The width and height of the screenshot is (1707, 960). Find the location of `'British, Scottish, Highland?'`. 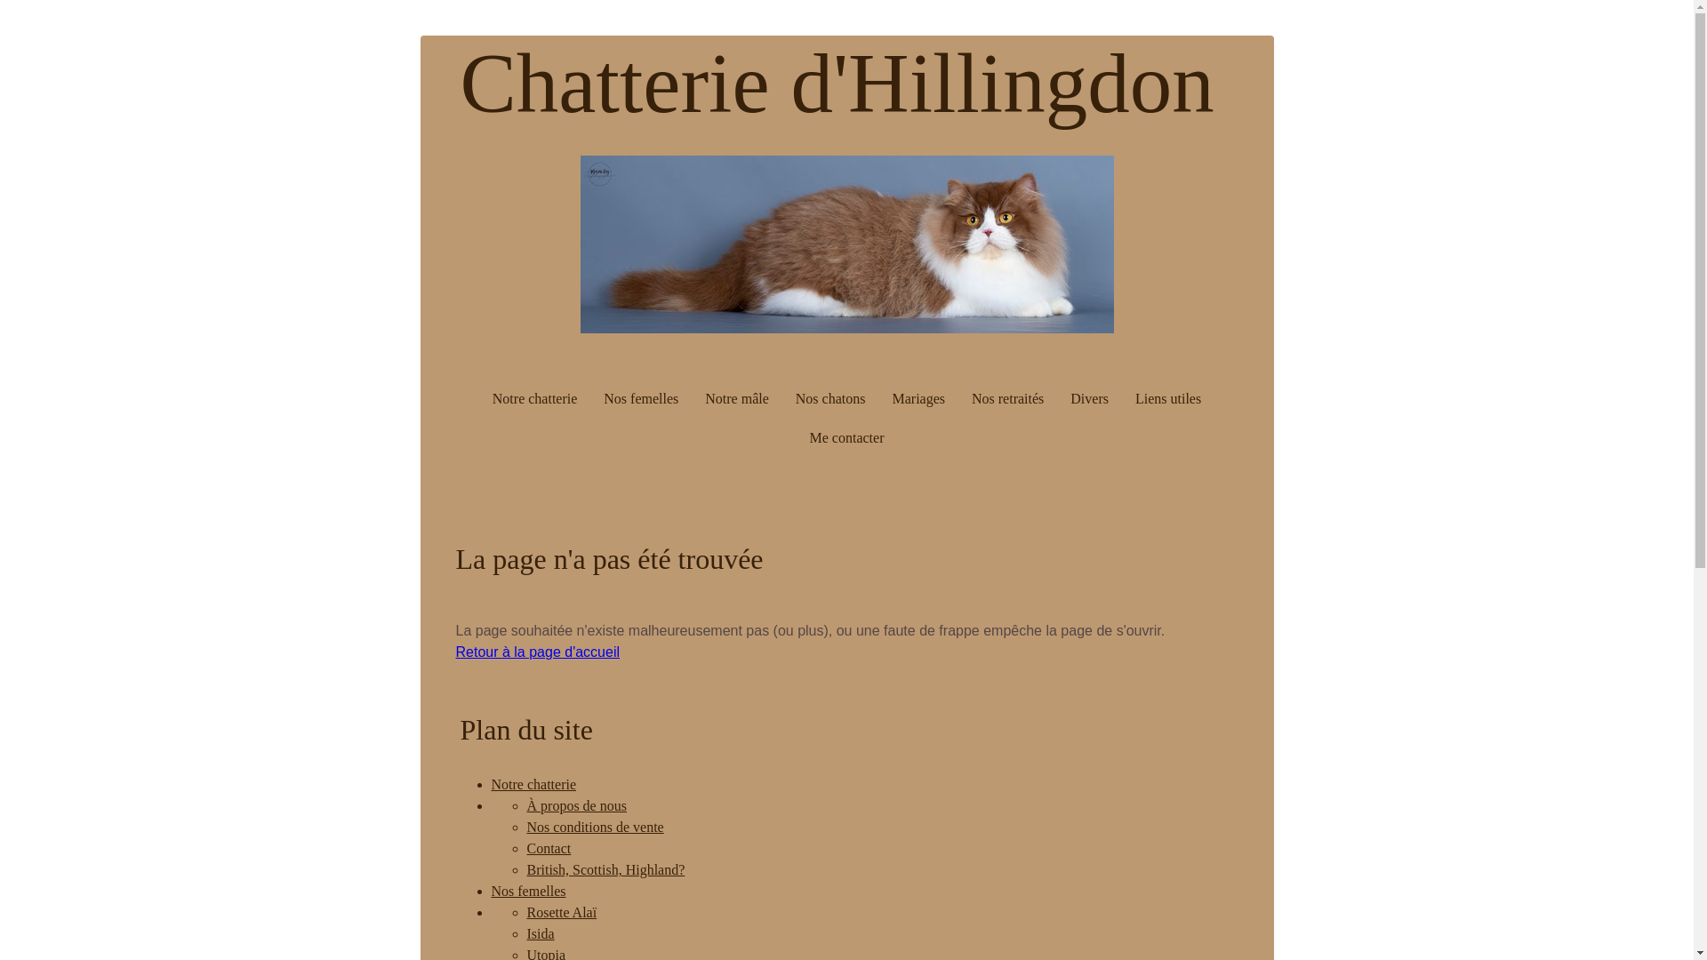

'British, Scottish, Highland?' is located at coordinates (605, 868).